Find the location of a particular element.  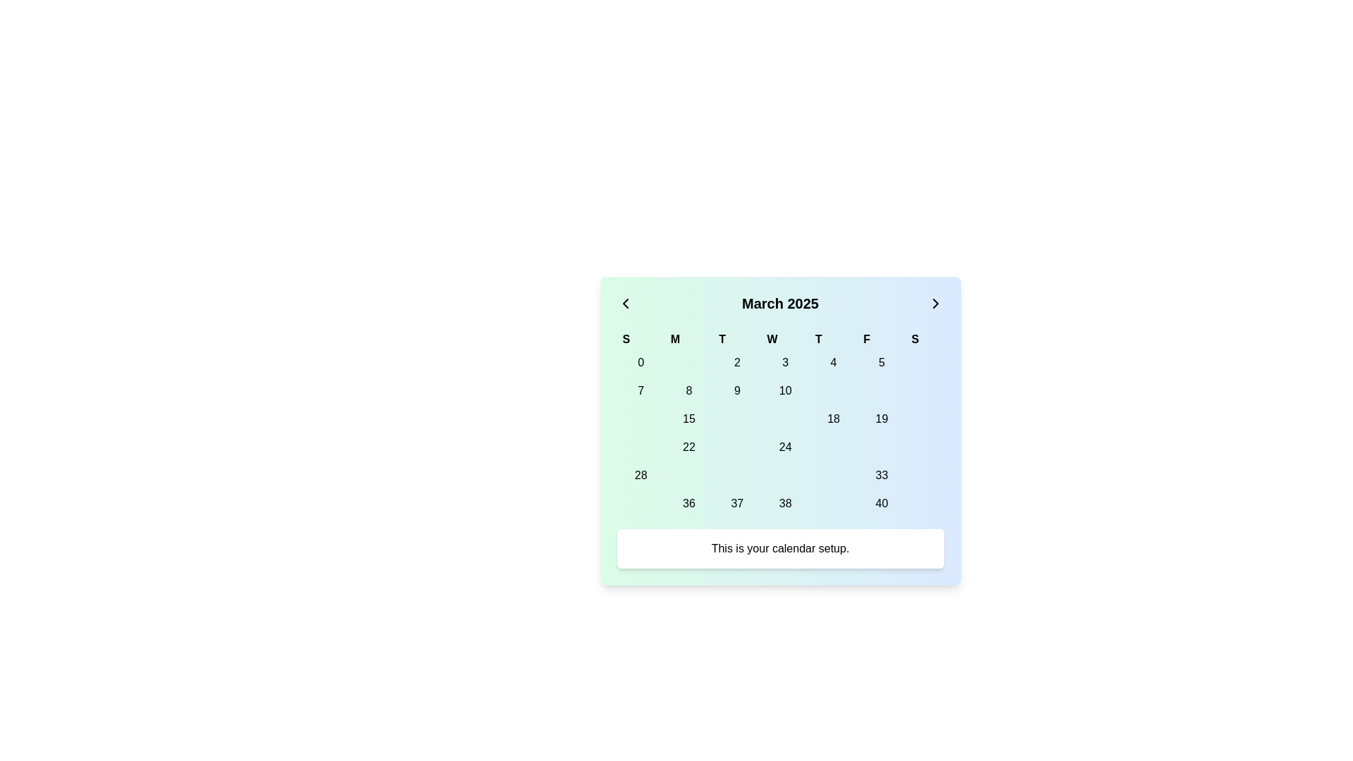

the date display labeled '7' in the calendar layout, located in the second row and first column under 'S' (Sunday) is located at coordinates (640, 391).